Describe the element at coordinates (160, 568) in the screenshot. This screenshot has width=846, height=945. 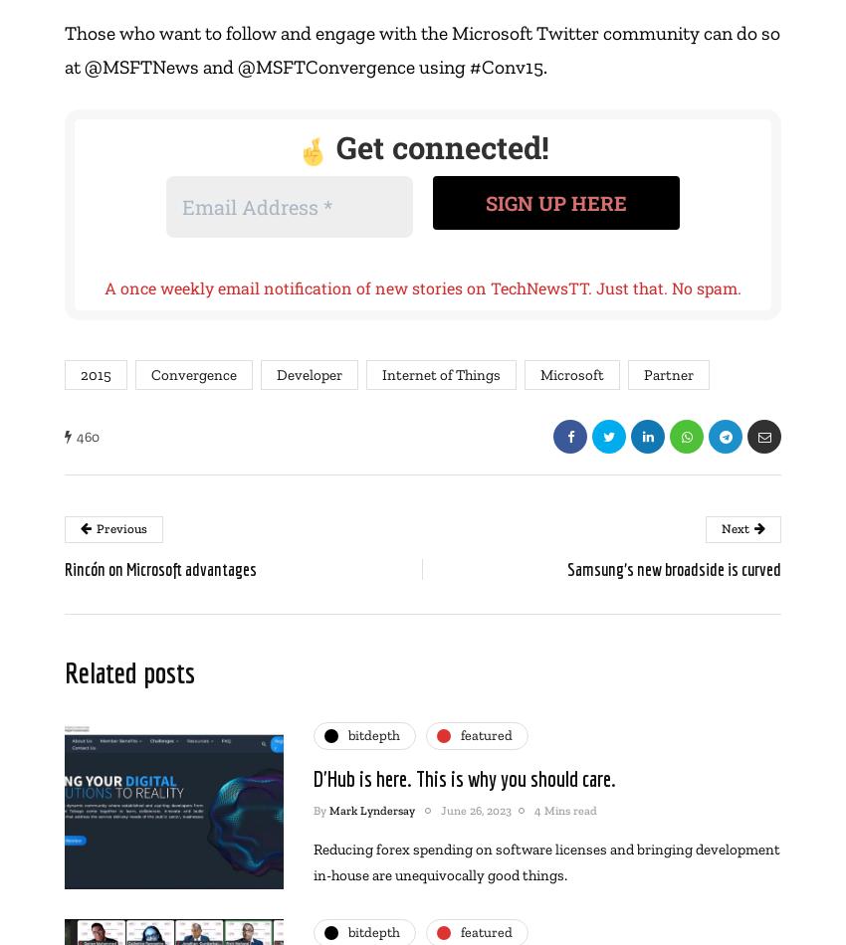
I see `'Rincón on Microsoft advantages'` at that location.